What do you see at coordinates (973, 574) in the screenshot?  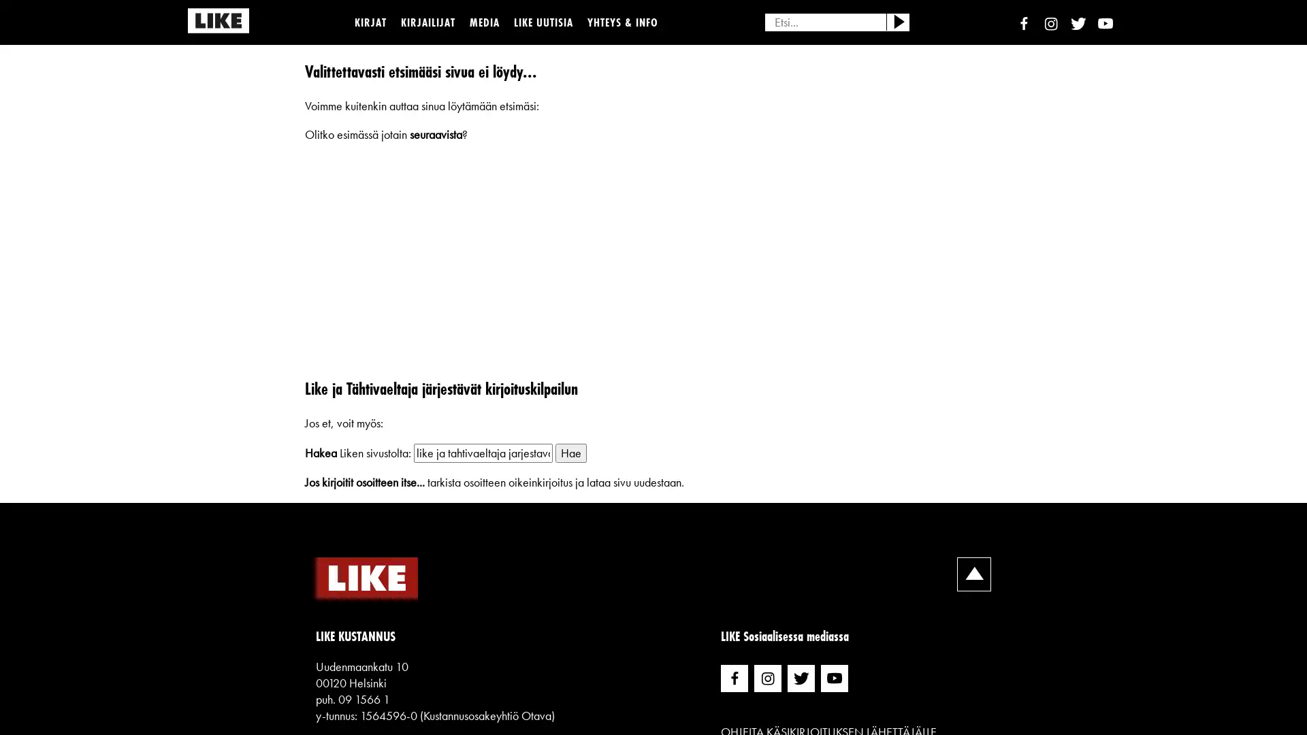 I see `Skrollaa ylospain` at bounding box center [973, 574].